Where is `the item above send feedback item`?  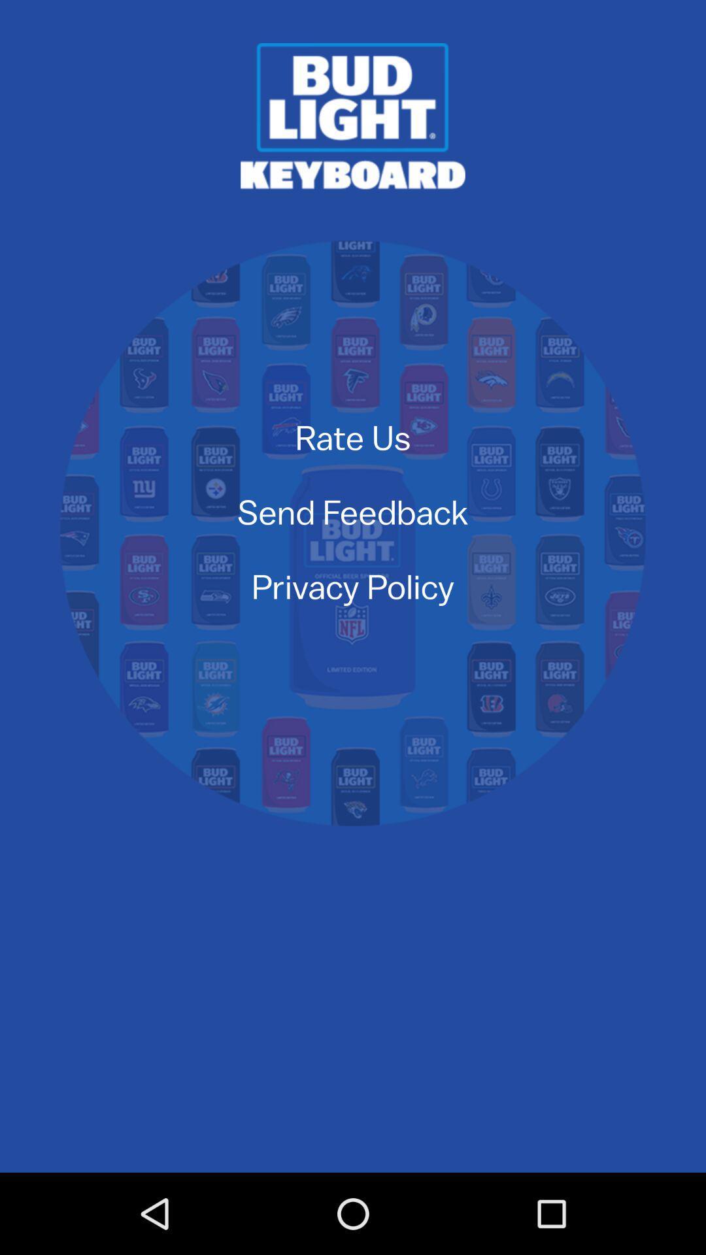
the item above send feedback item is located at coordinates (353, 437).